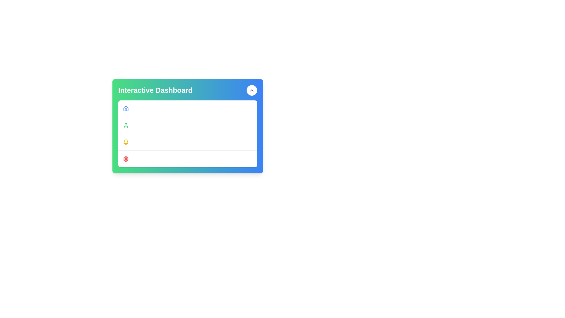 The image size is (565, 318). Describe the element at coordinates (187, 125) in the screenshot. I see `the 'Profile' menu item, which is the second item in the vertical menu list within a blue-bordered panel` at that location.